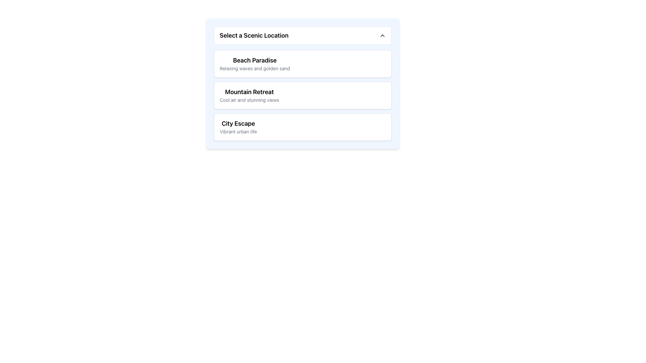  Describe the element at coordinates (238, 123) in the screenshot. I see `title 'City Escape' from the top Text Label in the section that describes 'City Escape'` at that location.